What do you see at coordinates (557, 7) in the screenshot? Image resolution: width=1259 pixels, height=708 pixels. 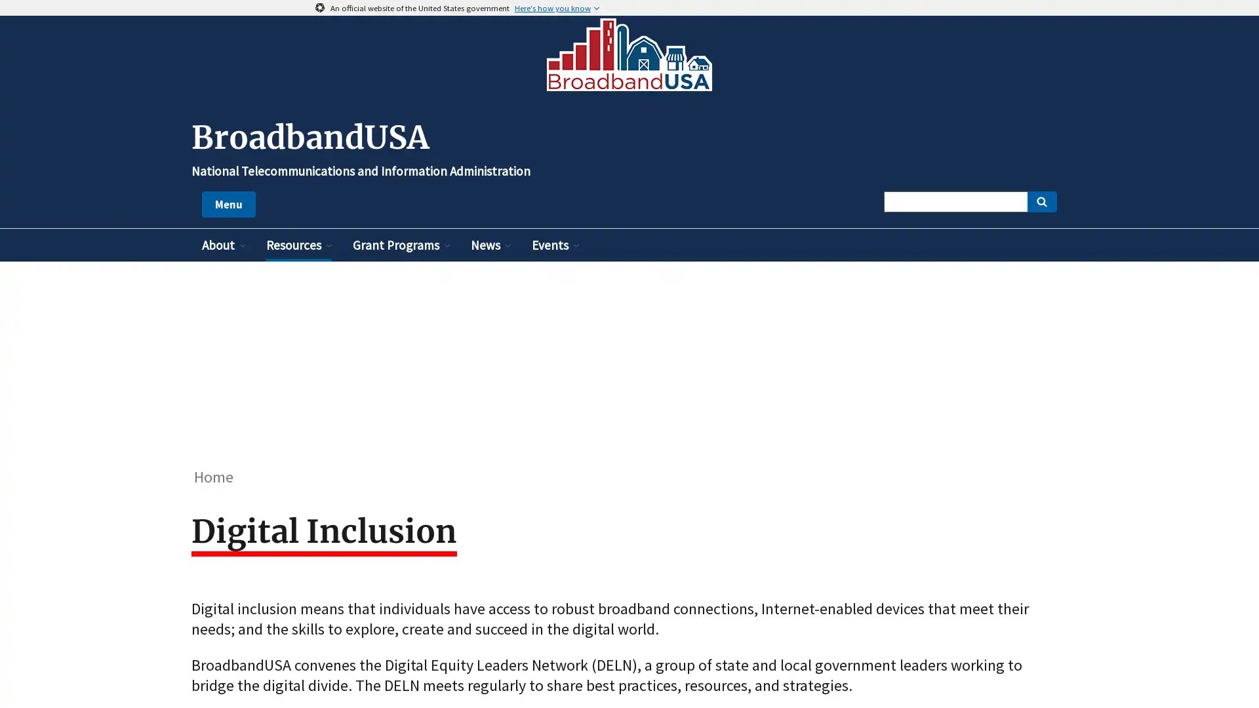 I see `Here's how you know` at bounding box center [557, 7].